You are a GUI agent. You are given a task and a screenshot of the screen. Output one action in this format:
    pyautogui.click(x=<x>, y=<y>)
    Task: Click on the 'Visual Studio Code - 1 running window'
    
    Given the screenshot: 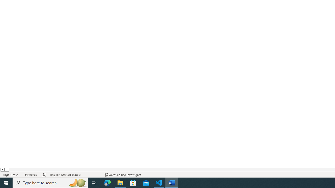 What is the action you would take?
    pyautogui.click(x=159, y=182)
    